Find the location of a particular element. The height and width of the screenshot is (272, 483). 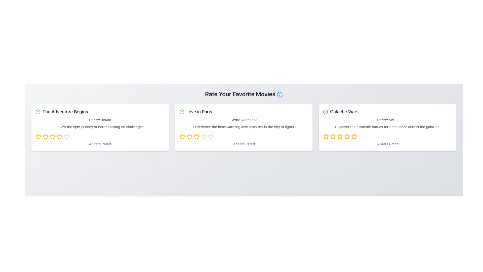

the third rating star under the 'Love in Paris' movie card is located at coordinates (189, 137).